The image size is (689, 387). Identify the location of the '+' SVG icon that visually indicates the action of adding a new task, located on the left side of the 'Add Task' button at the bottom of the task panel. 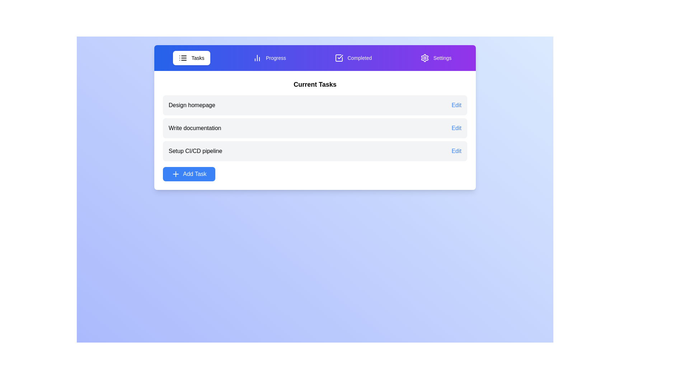
(175, 174).